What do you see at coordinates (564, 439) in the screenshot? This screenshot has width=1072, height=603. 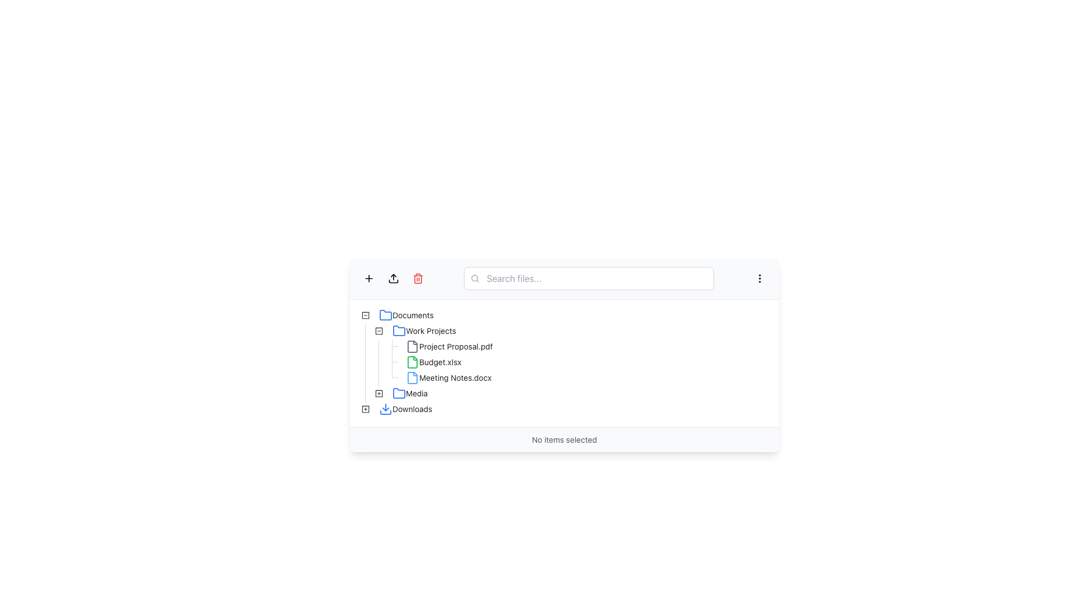 I see `the text label displaying 'No items selected' which is styled with a light gray background and located at the bottom of the panel` at bounding box center [564, 439].